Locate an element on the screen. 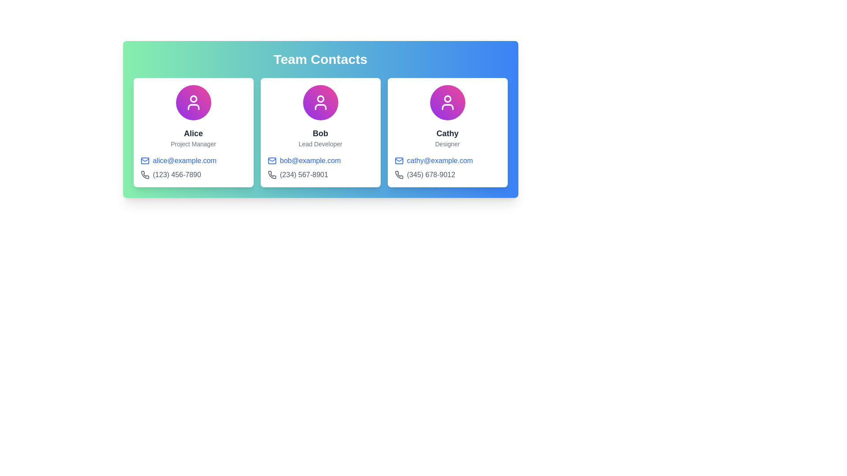 The image size is (847, 476). the text label that identifies Bob's role as 'Lead Developer', located below the name 'Bob' and above the email address 'bob@example.com' is located at coordinates (320, 144).